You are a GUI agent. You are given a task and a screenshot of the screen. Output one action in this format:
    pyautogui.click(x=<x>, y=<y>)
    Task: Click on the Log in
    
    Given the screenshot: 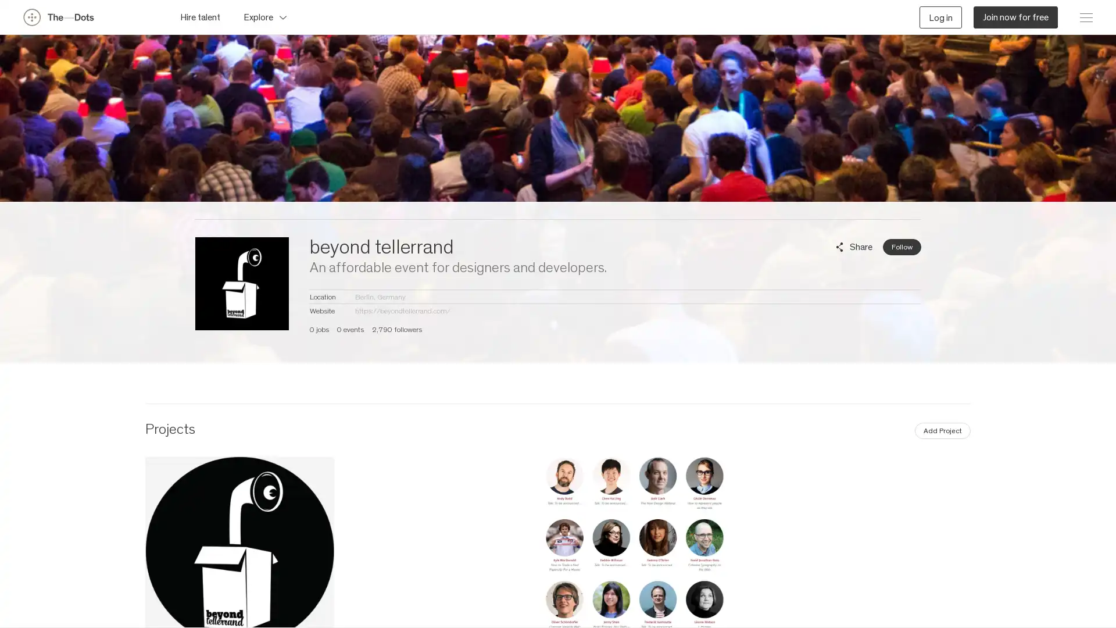 What is the action you would take?
    pyautogui.click(x=940, y=17)
    